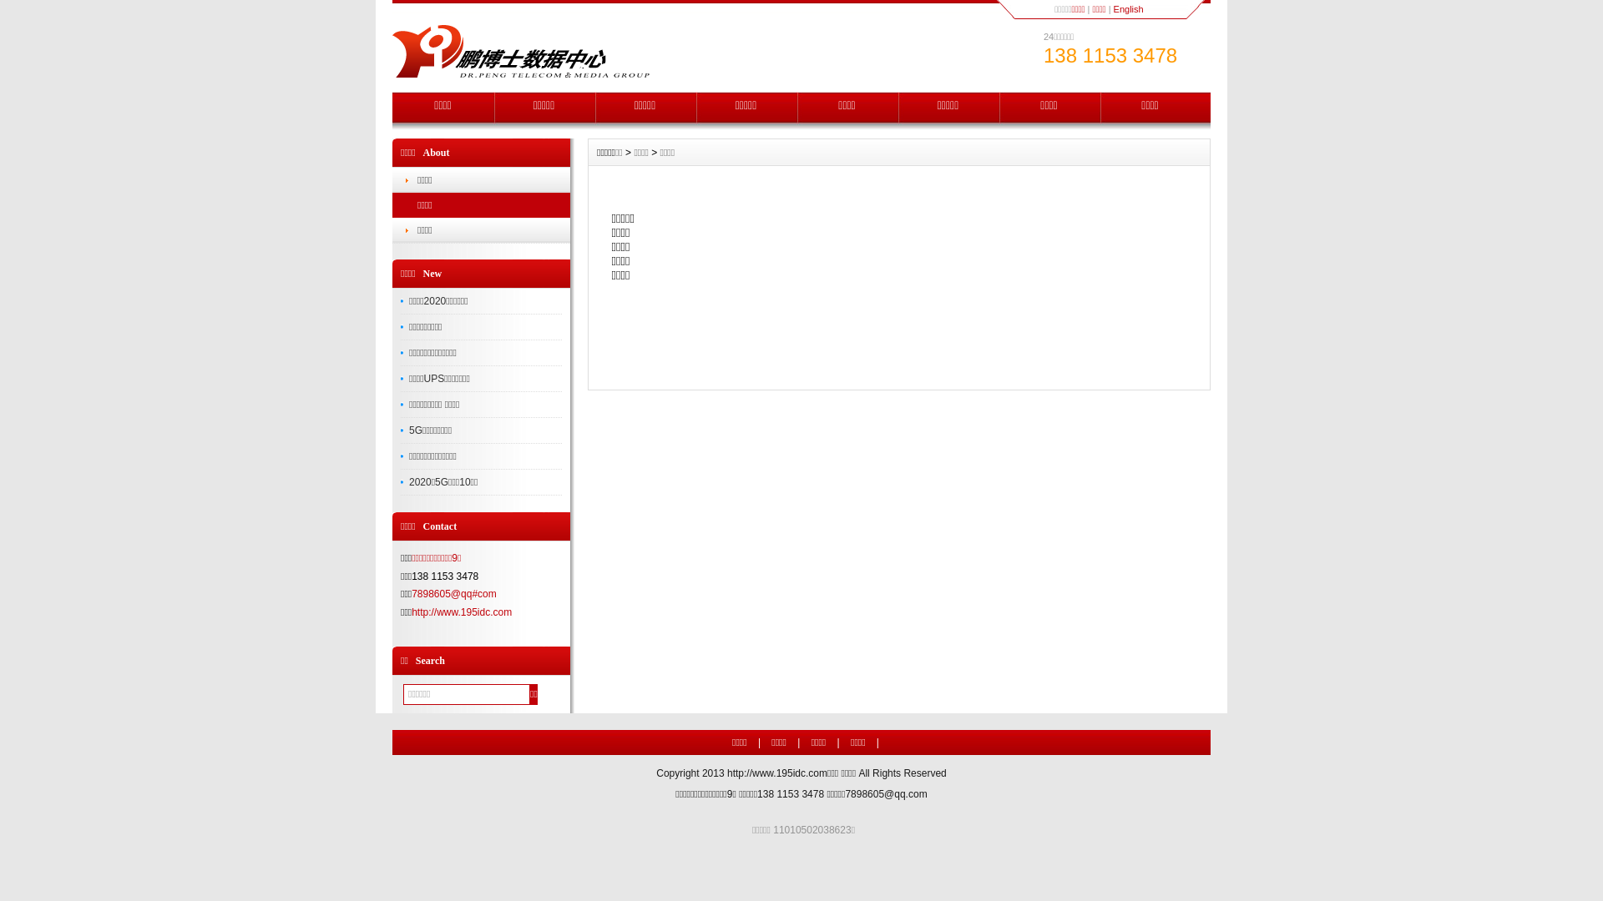 The image size is (1603, 901). What do you see at coordinates (776, 773) in the screenshot?
I see `'http://www.195idc.com'` at bounding box center [776, 773].